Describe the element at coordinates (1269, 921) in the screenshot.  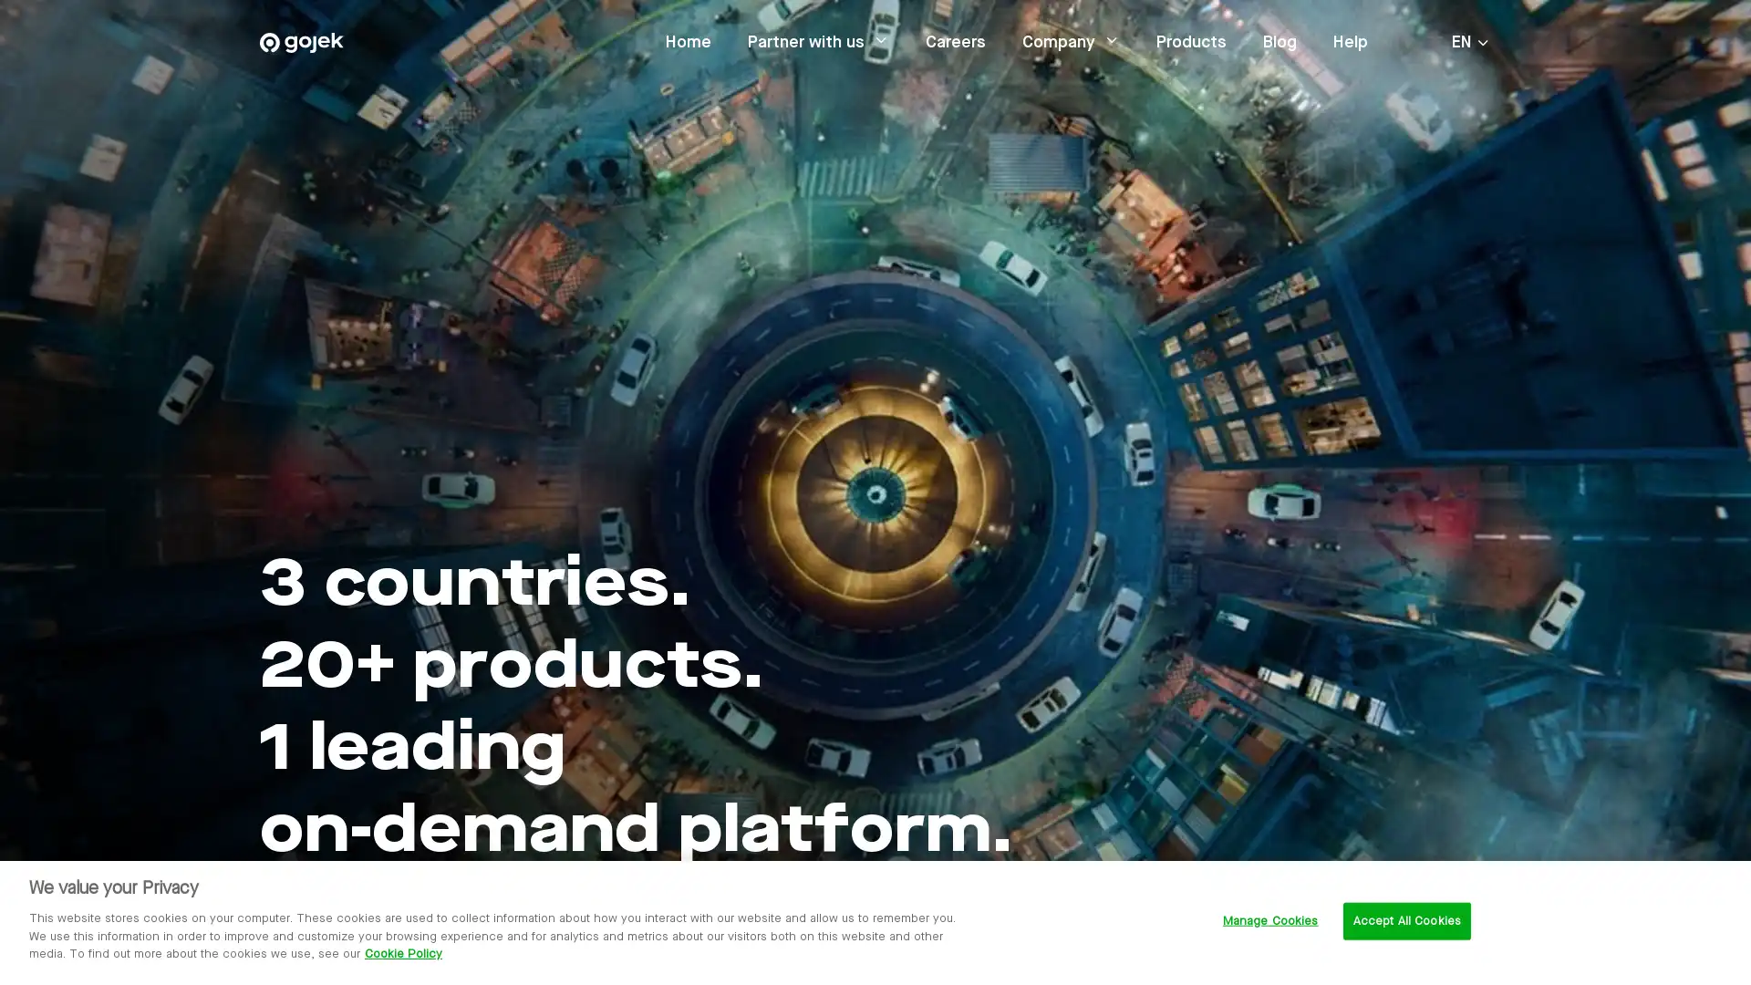
I see `Manage Cookies` at that location.